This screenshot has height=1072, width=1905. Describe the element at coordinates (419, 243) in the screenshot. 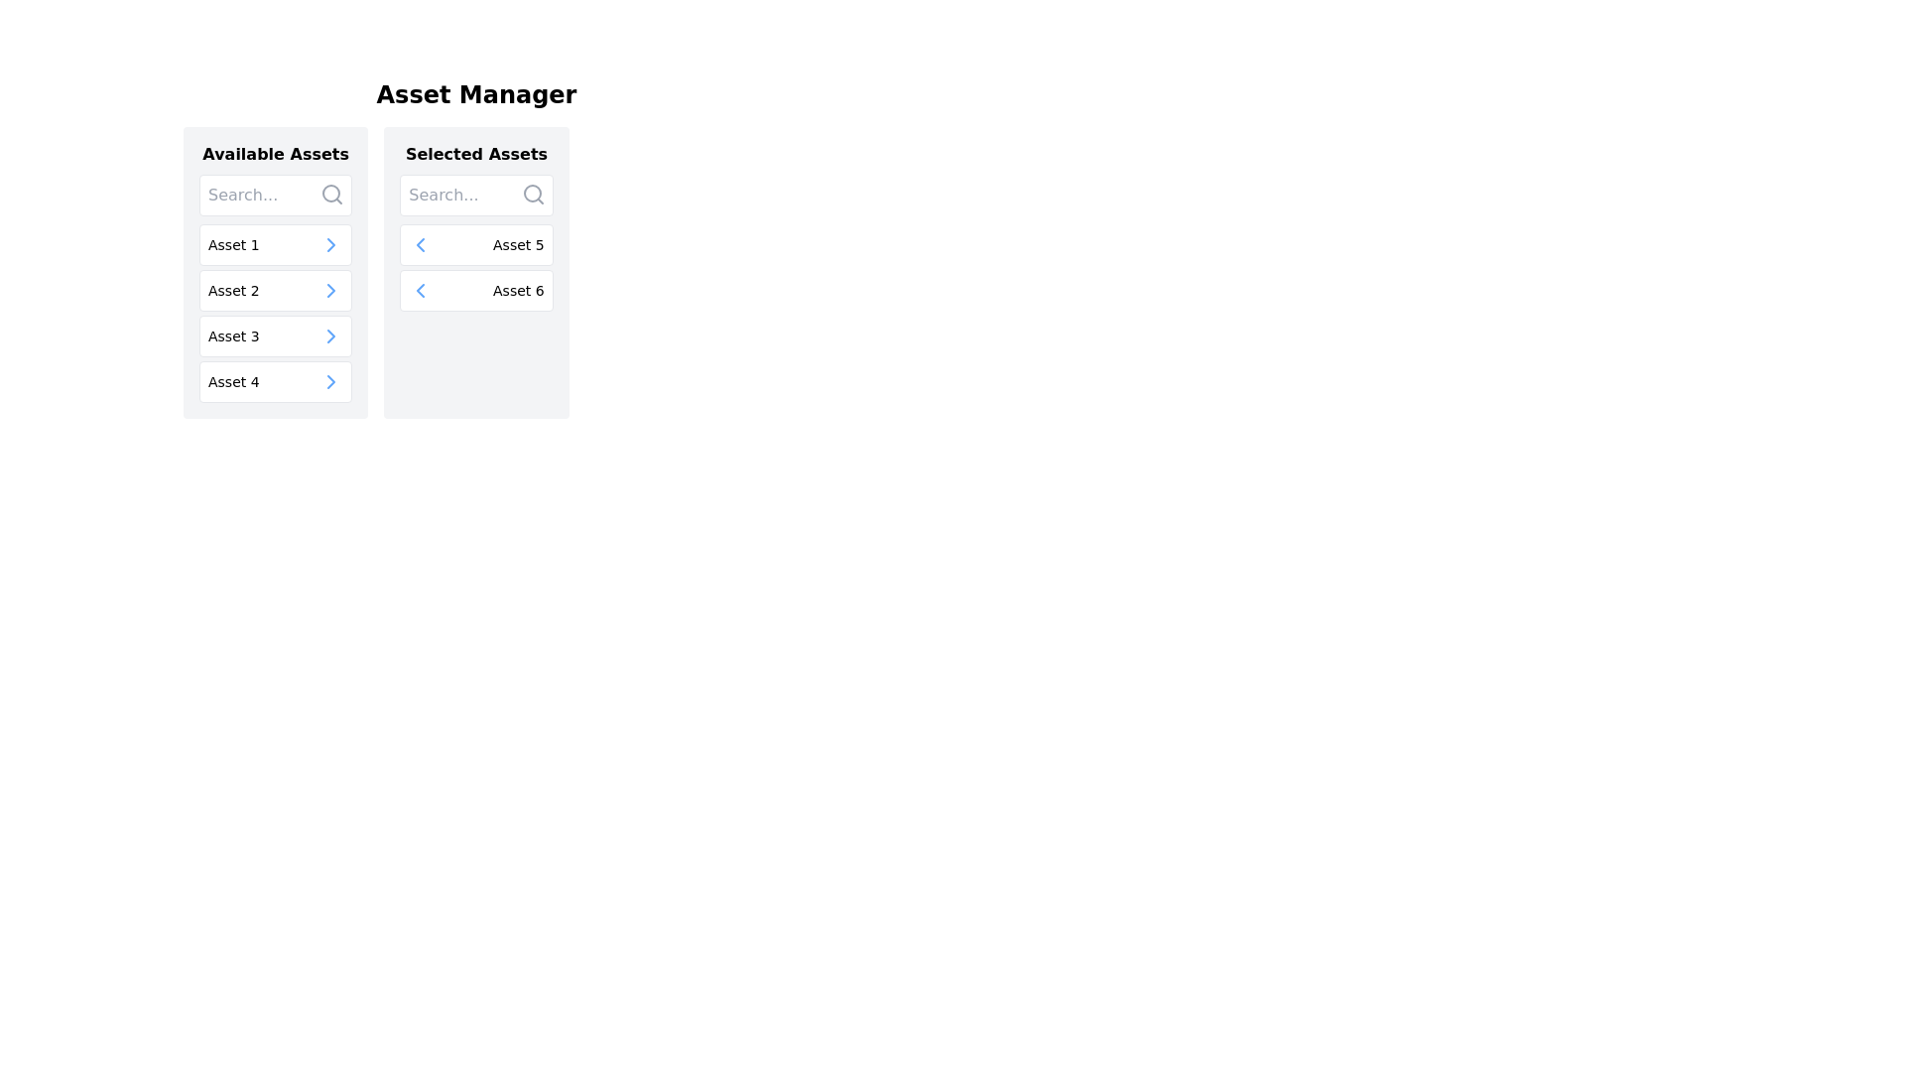

I see `the button with an icon` at that location.